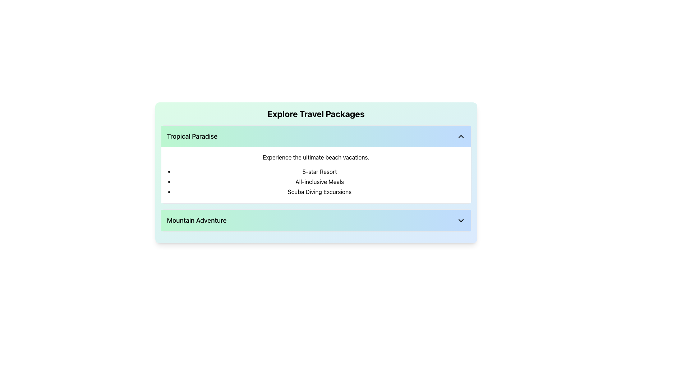  I want to click on the Chevron-Down icon at the far-right end of the 'Mountain Adventure' section, so click(461, 220).